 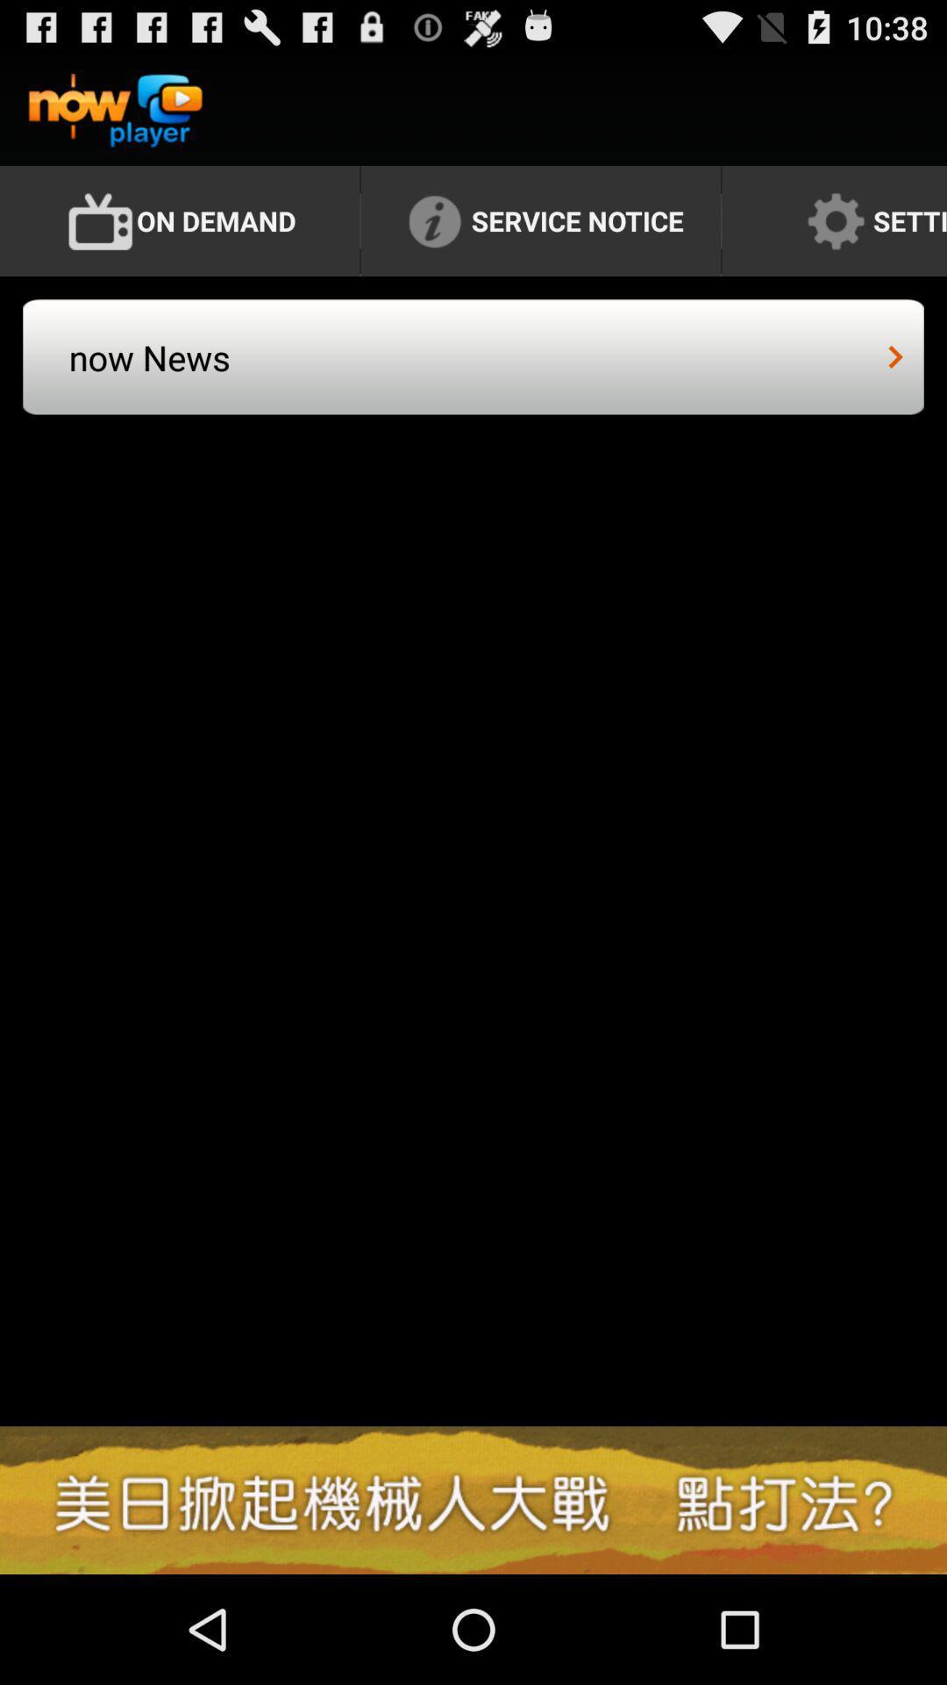 I want to click on the item at the bottom, so click(x=473, y=1499).